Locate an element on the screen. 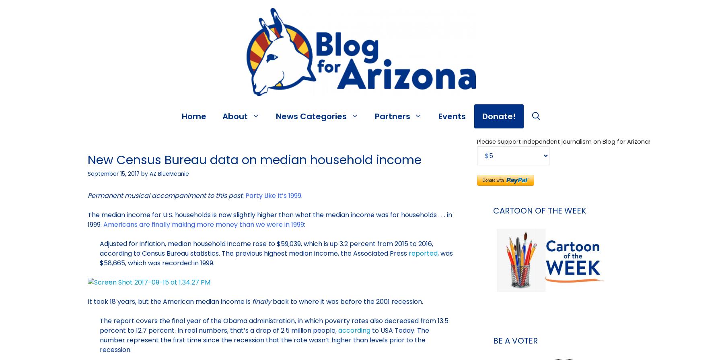  'It took 18 years, but the American median income is' is located at coordinates (169, 301).